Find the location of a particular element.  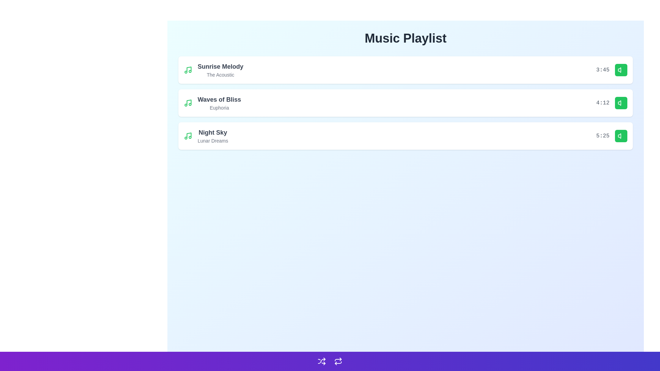

the text label displaying '5:25' in a monospaced font, located beside a green button with a speaker icon in the music playlist interface is located at coordinates (602, 136).